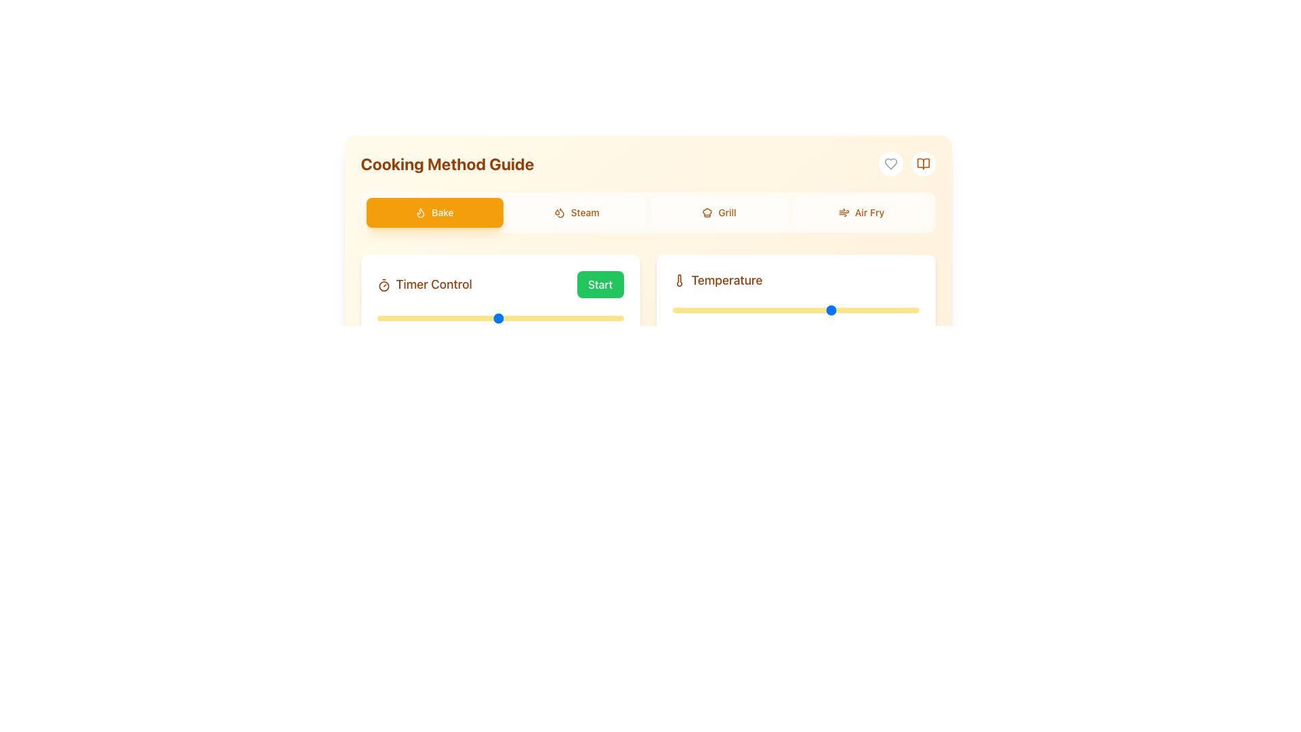 This screenshot has height=732, width=1301. Describe the element at coordinates (383, 285) in the screenshot. I see `the timer icon, which is a circular outline with a knob at the top, located next to the 'Timer Control' text on a yellow background` at that location.